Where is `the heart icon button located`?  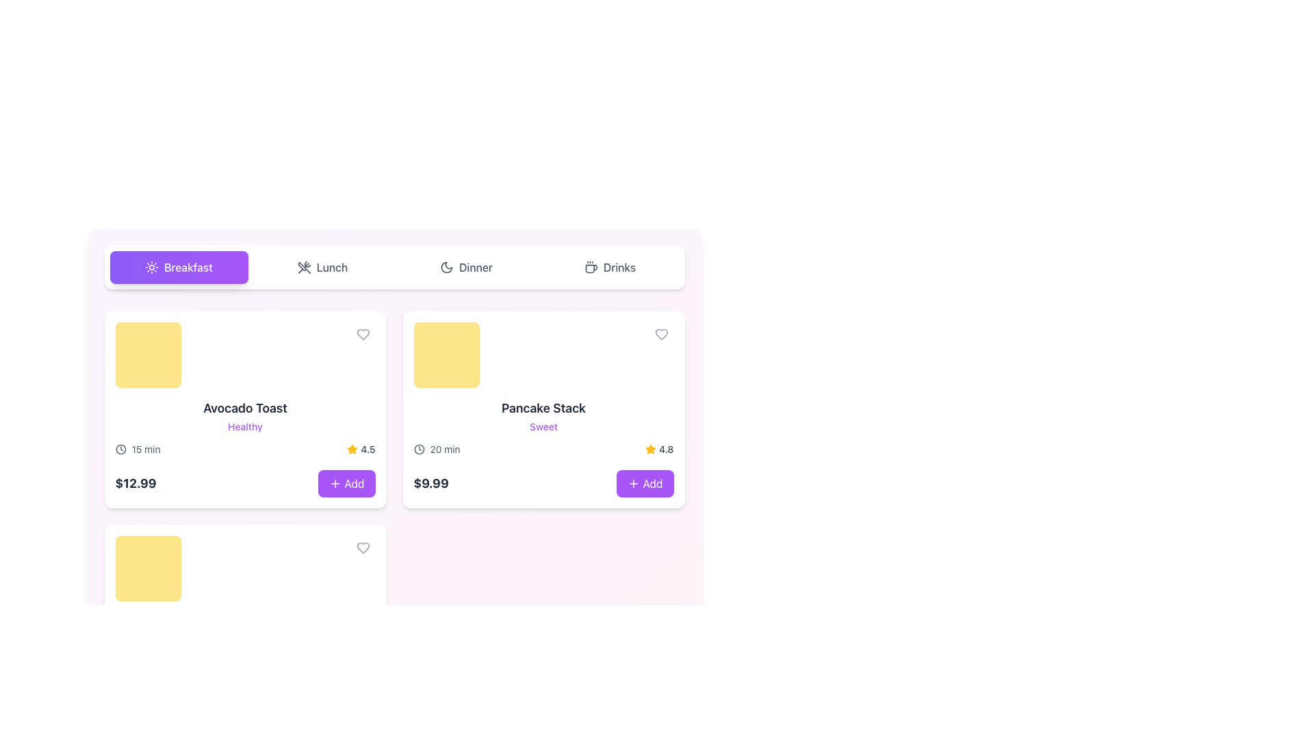 the heart icon button located is located at coordinates (363, 547).